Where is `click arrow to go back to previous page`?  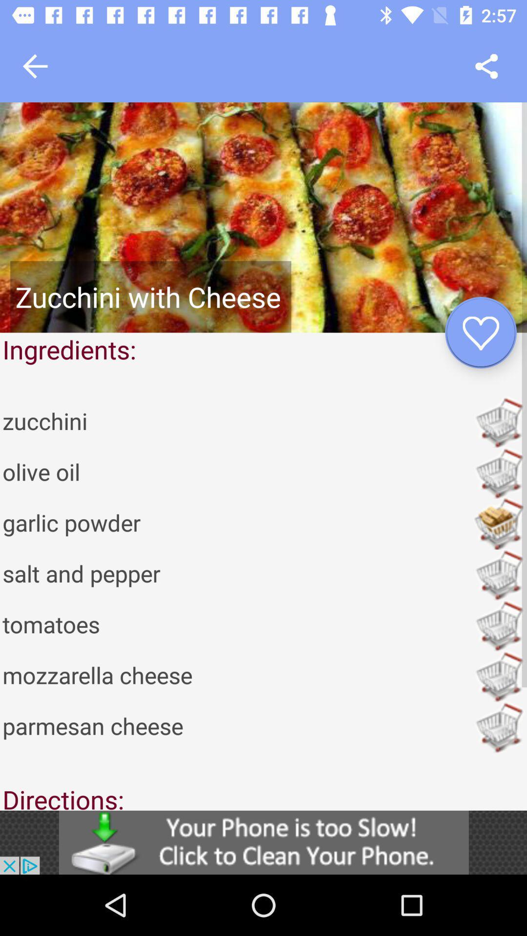 click arrow to go back to previous page is located at coordinates (35, 66).